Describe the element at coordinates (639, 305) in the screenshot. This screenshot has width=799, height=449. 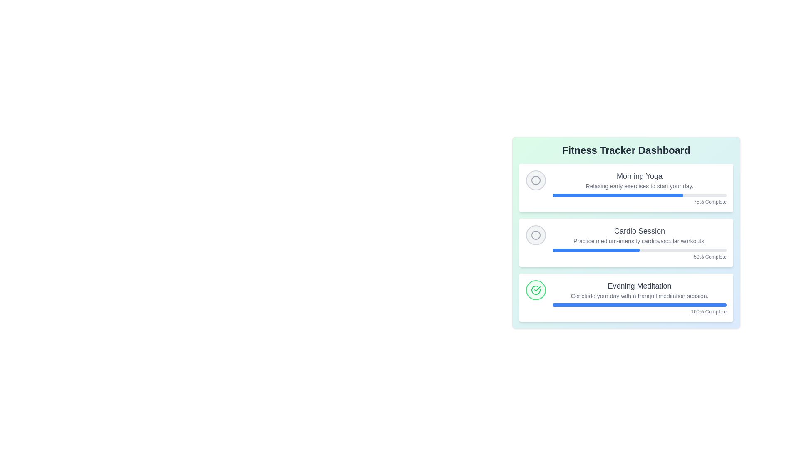
I see `the progress bar indicating completion for the 'Evening Meditation' entry in the 'Fitness Tracker Dashboard', which is fully filled with a blue segment` at that location.